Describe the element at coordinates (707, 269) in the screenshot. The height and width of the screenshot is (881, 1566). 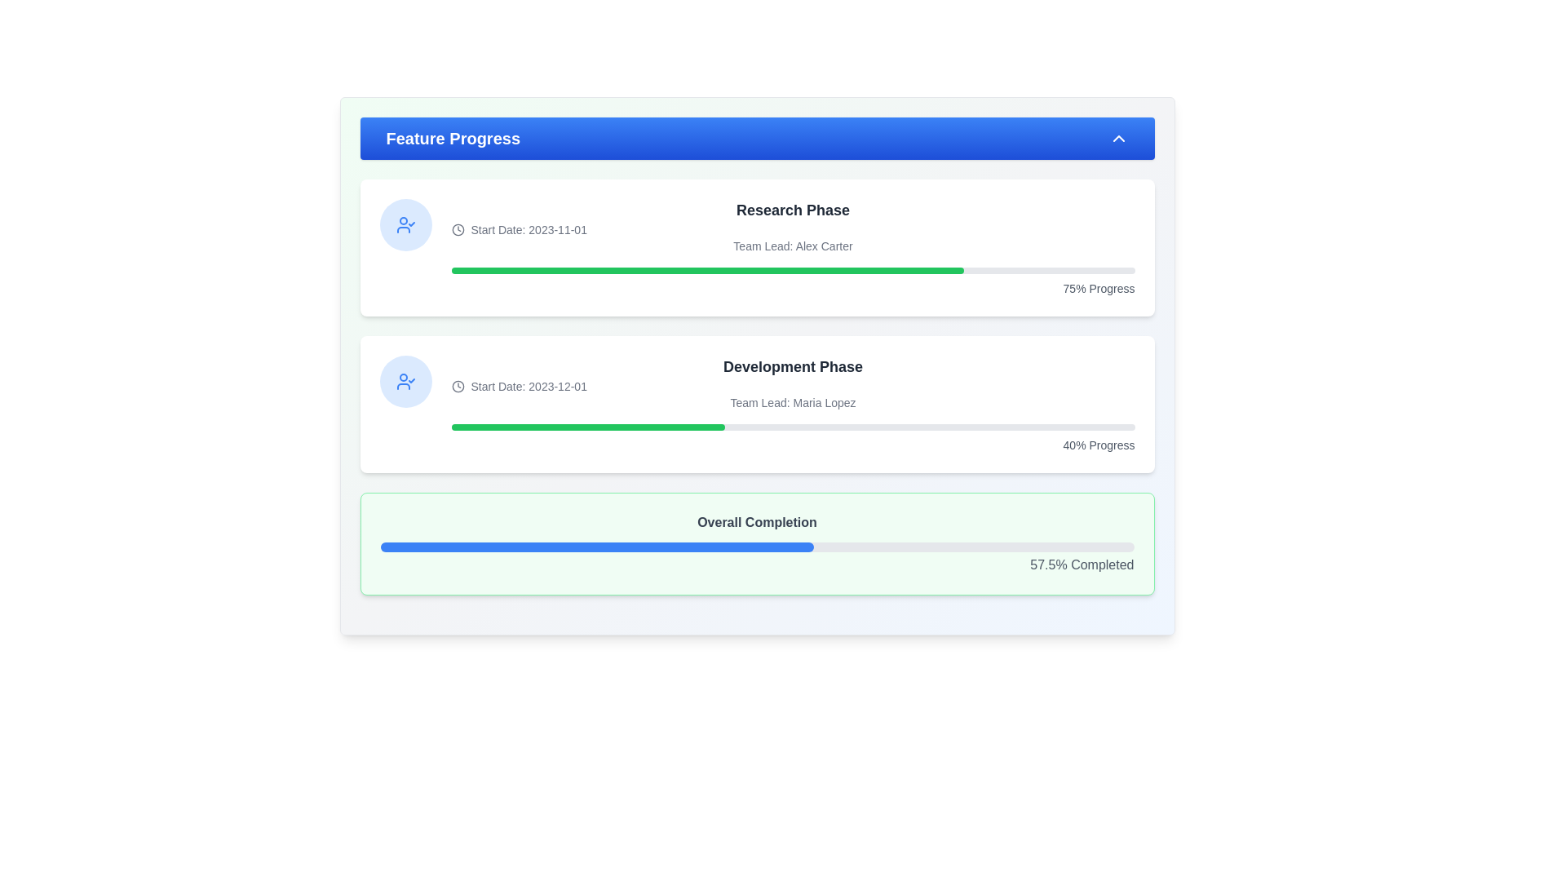
I see `the green progress bar representing 75% completion of the 'Research Phase' task, located at the top of the progress section` at that location.